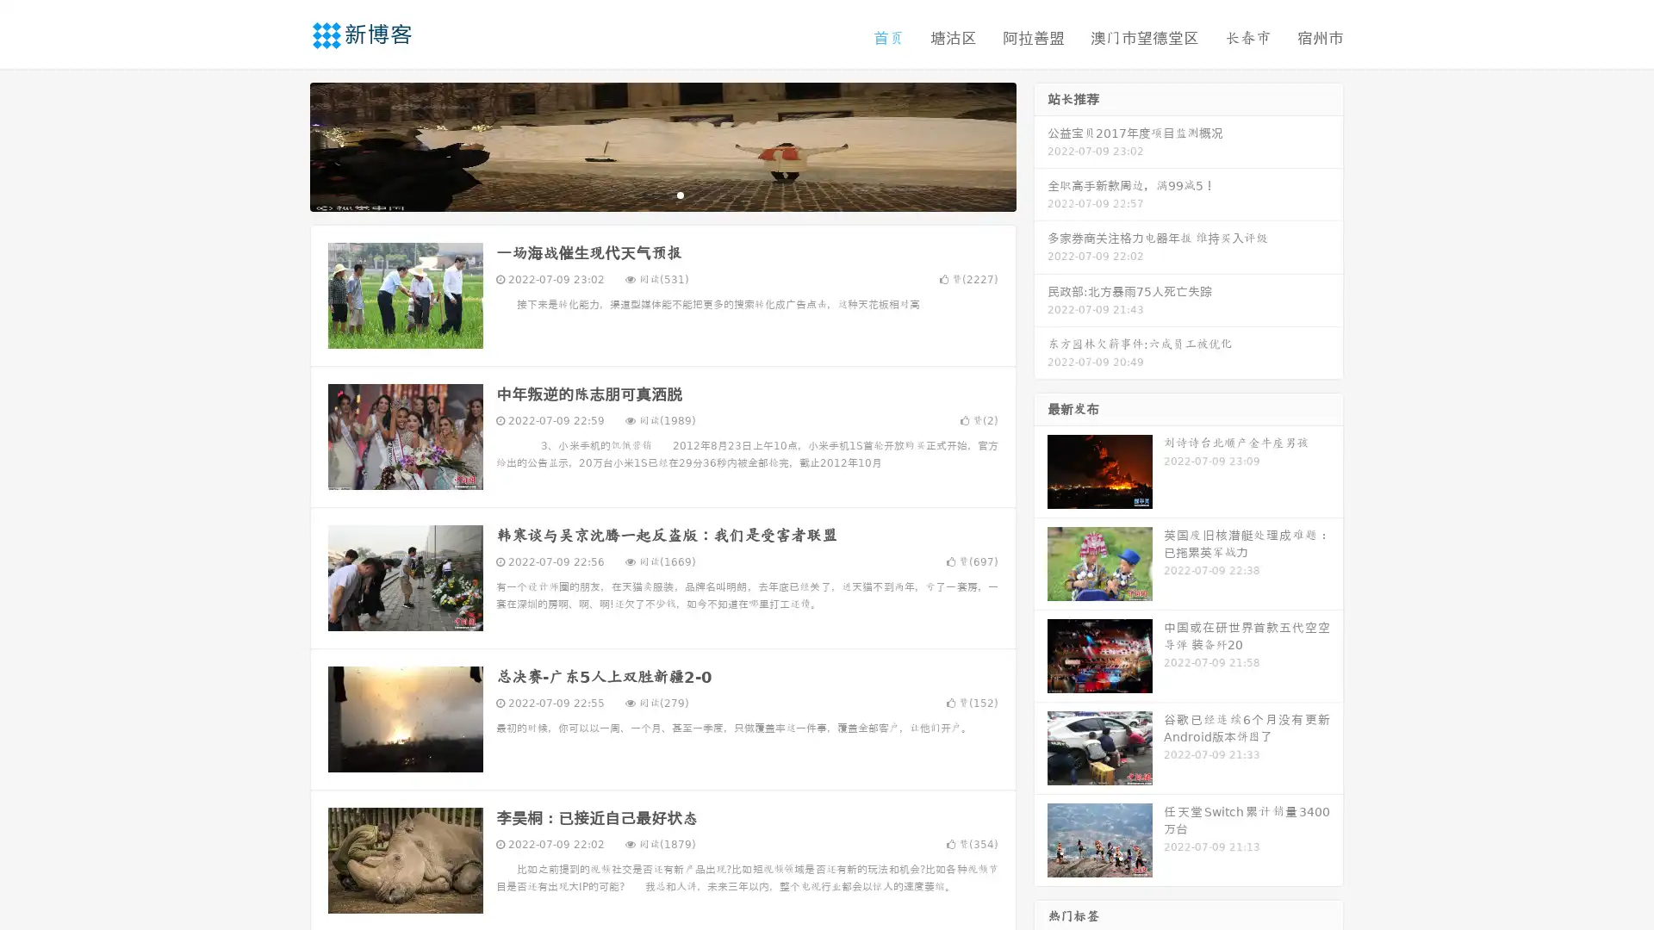  Describe the element at coordinates (1041, 145) in the screenshot. I see `Next slide` at that location.